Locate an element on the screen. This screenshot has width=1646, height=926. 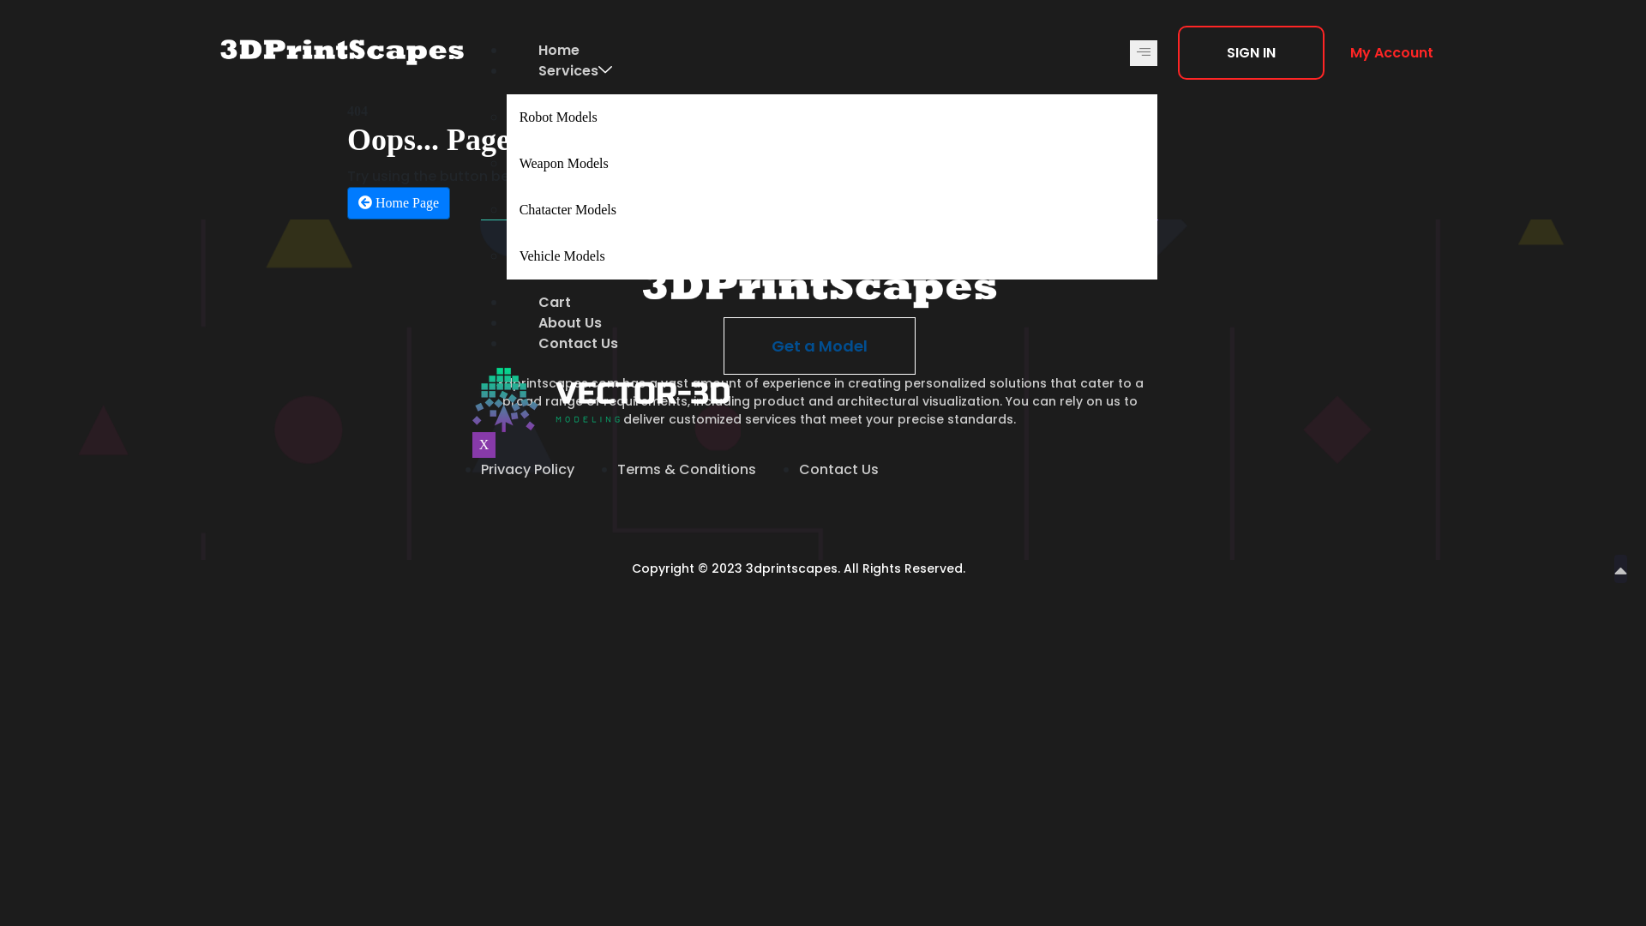
'Cart' is located at coordinates (555, 301).